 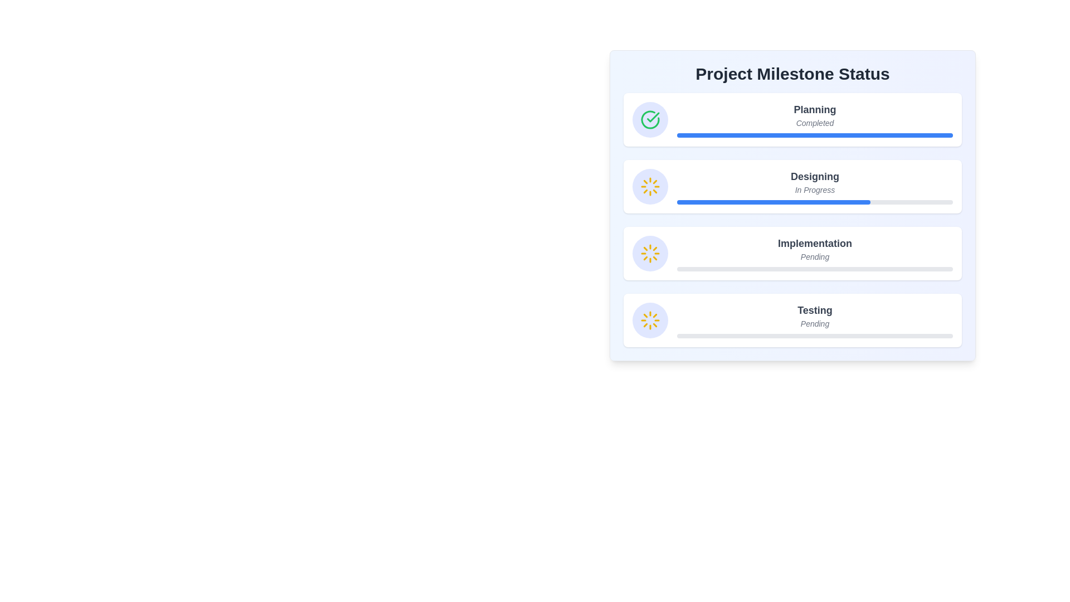 I want to click on the green checkmark icon that represents a completed status, located in the 'Project Milestone Status' section to the left of the 'Planning' milestone item, so click(x=653, y=117).